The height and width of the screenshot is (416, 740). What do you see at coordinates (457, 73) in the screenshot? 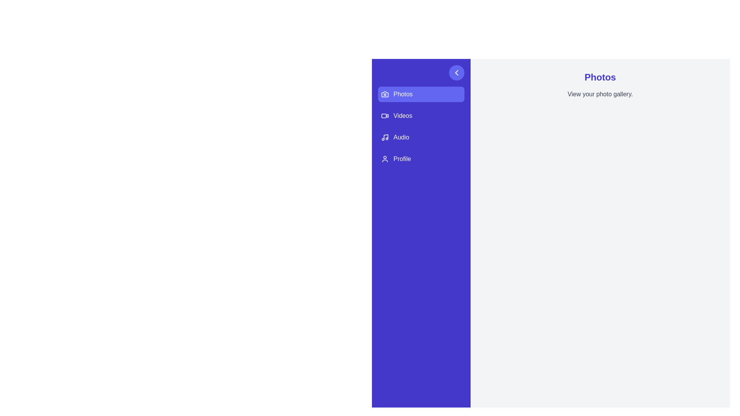
I see `the button located at the top-right corner of the vertical menu panel, which is used to collapse or close the menu` at bounding box center [457, 73].